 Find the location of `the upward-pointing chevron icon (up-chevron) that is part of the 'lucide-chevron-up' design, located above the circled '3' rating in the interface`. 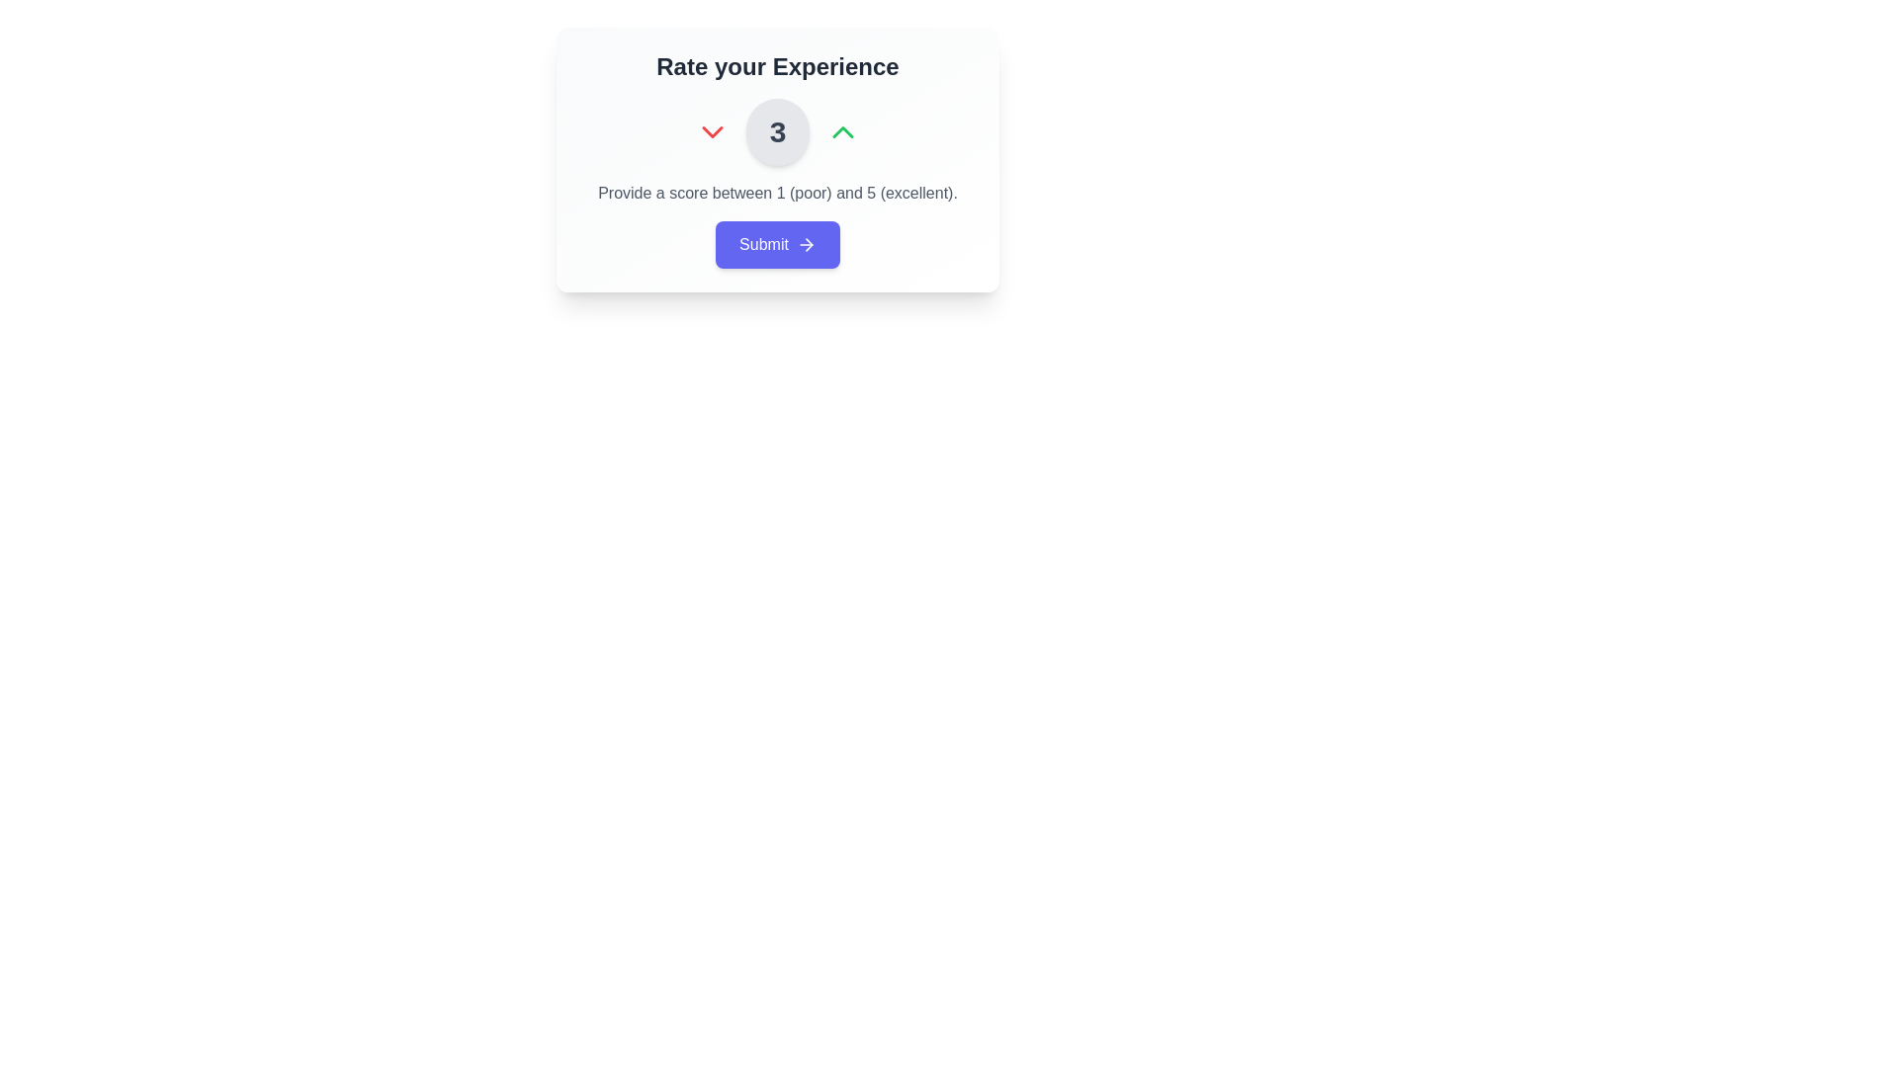

the upward-pointing chevron icon (up-chevron) that is part of the 'lucide-chevron-up' design, located above the circled '3' rating in the interface is located at coordinates (843, 132).